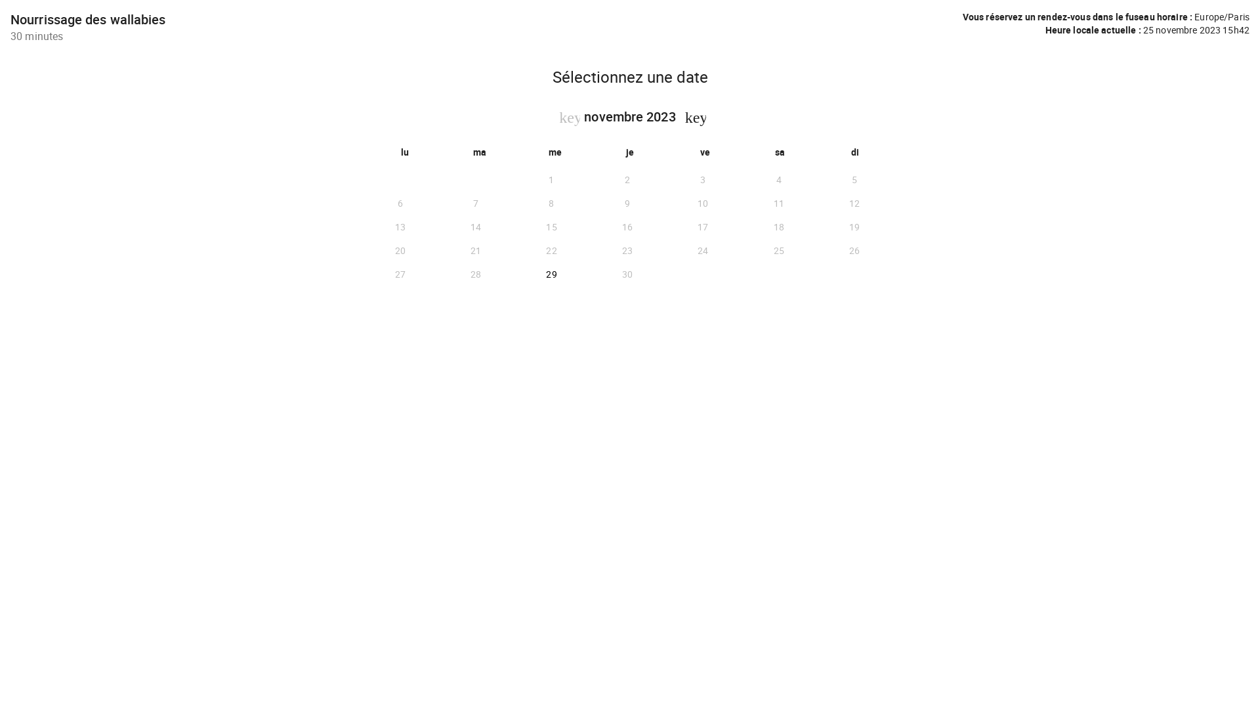 This screenshot has height=709, width=1260. Describe the element at coordinates (778, 203) in the screenshot. I see `'11'` at that location.